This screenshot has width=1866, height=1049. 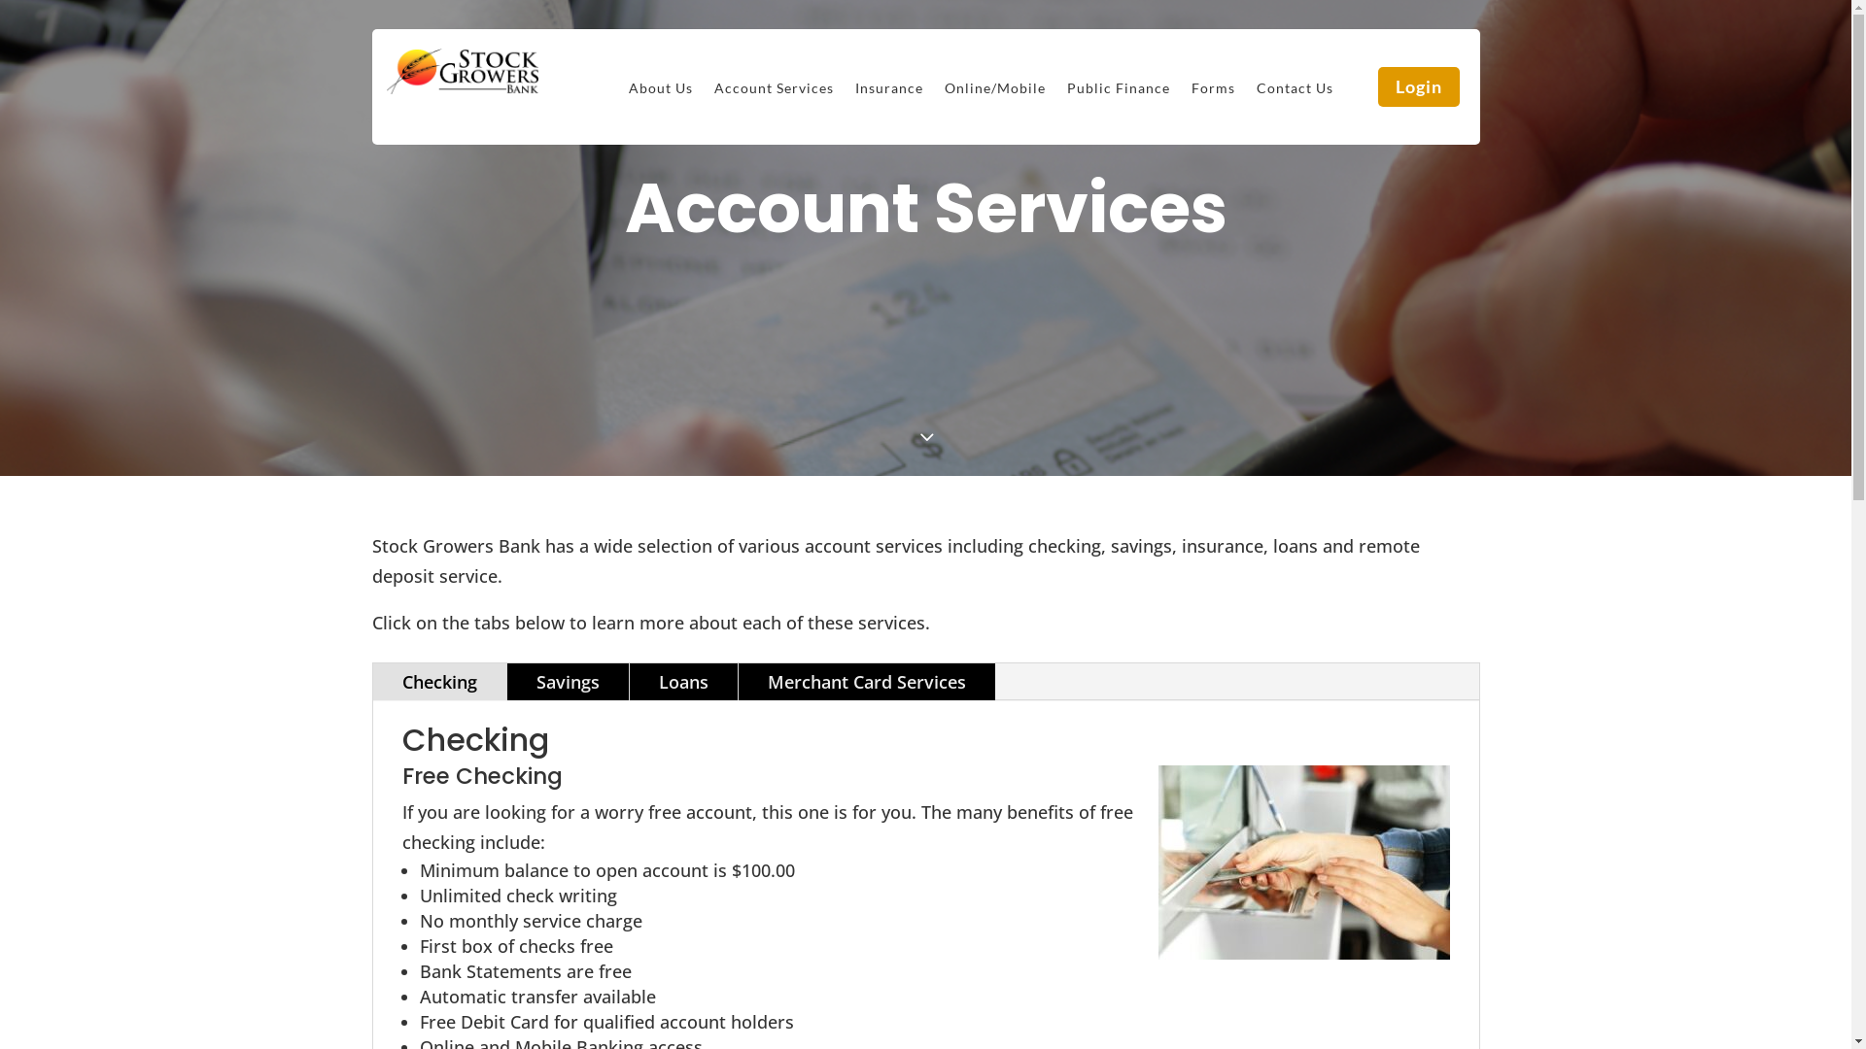 What do you see at coordinates (1376, 85) in the screenshot?
I see `'Login'` at bounding box center [1376, 85].